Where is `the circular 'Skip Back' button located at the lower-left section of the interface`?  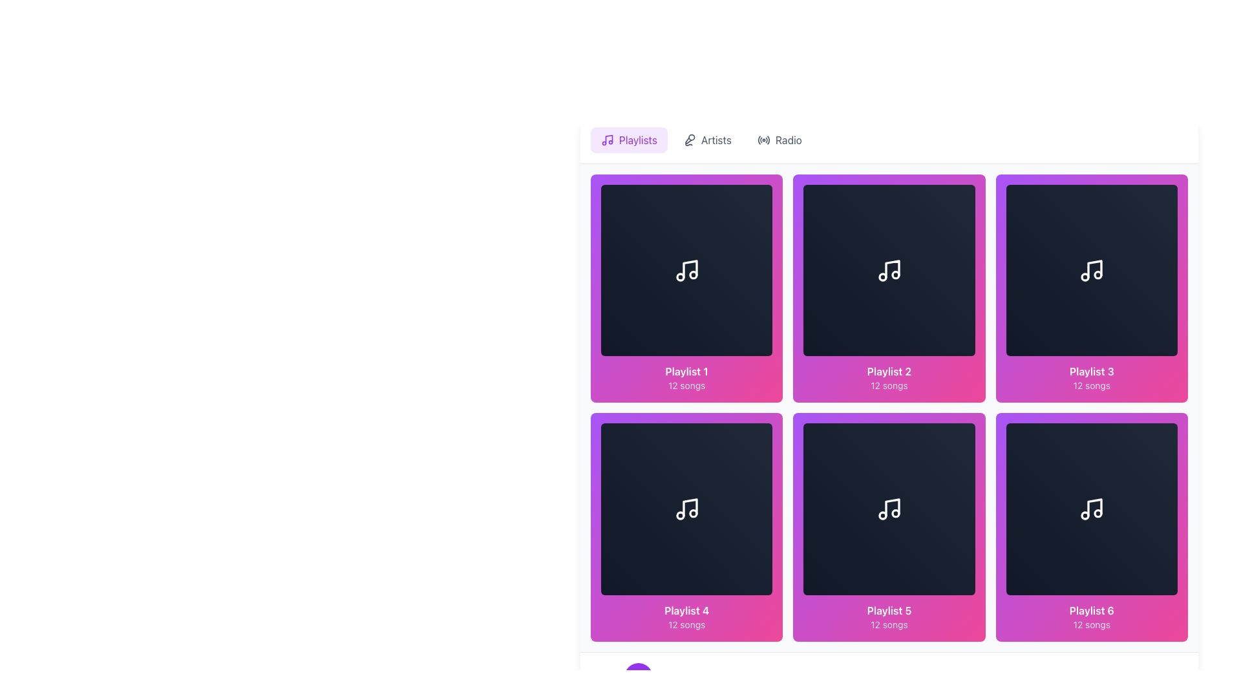 the circular 'Skip Back' button located at the lower-left section of the interface is located at coordinates (601, 675).